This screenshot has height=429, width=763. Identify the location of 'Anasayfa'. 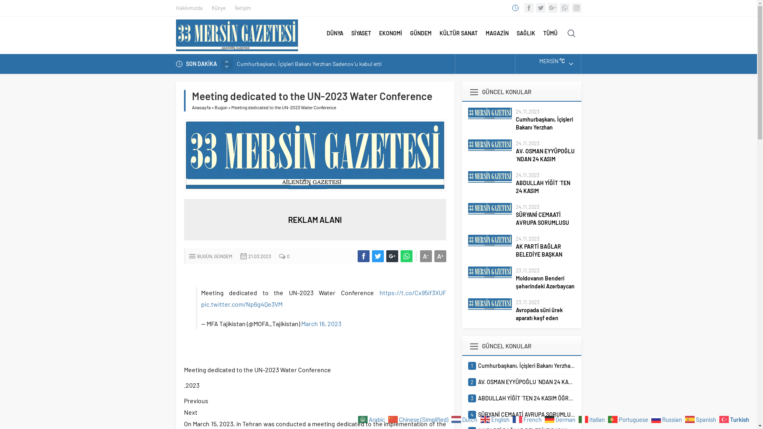
(201, 107).